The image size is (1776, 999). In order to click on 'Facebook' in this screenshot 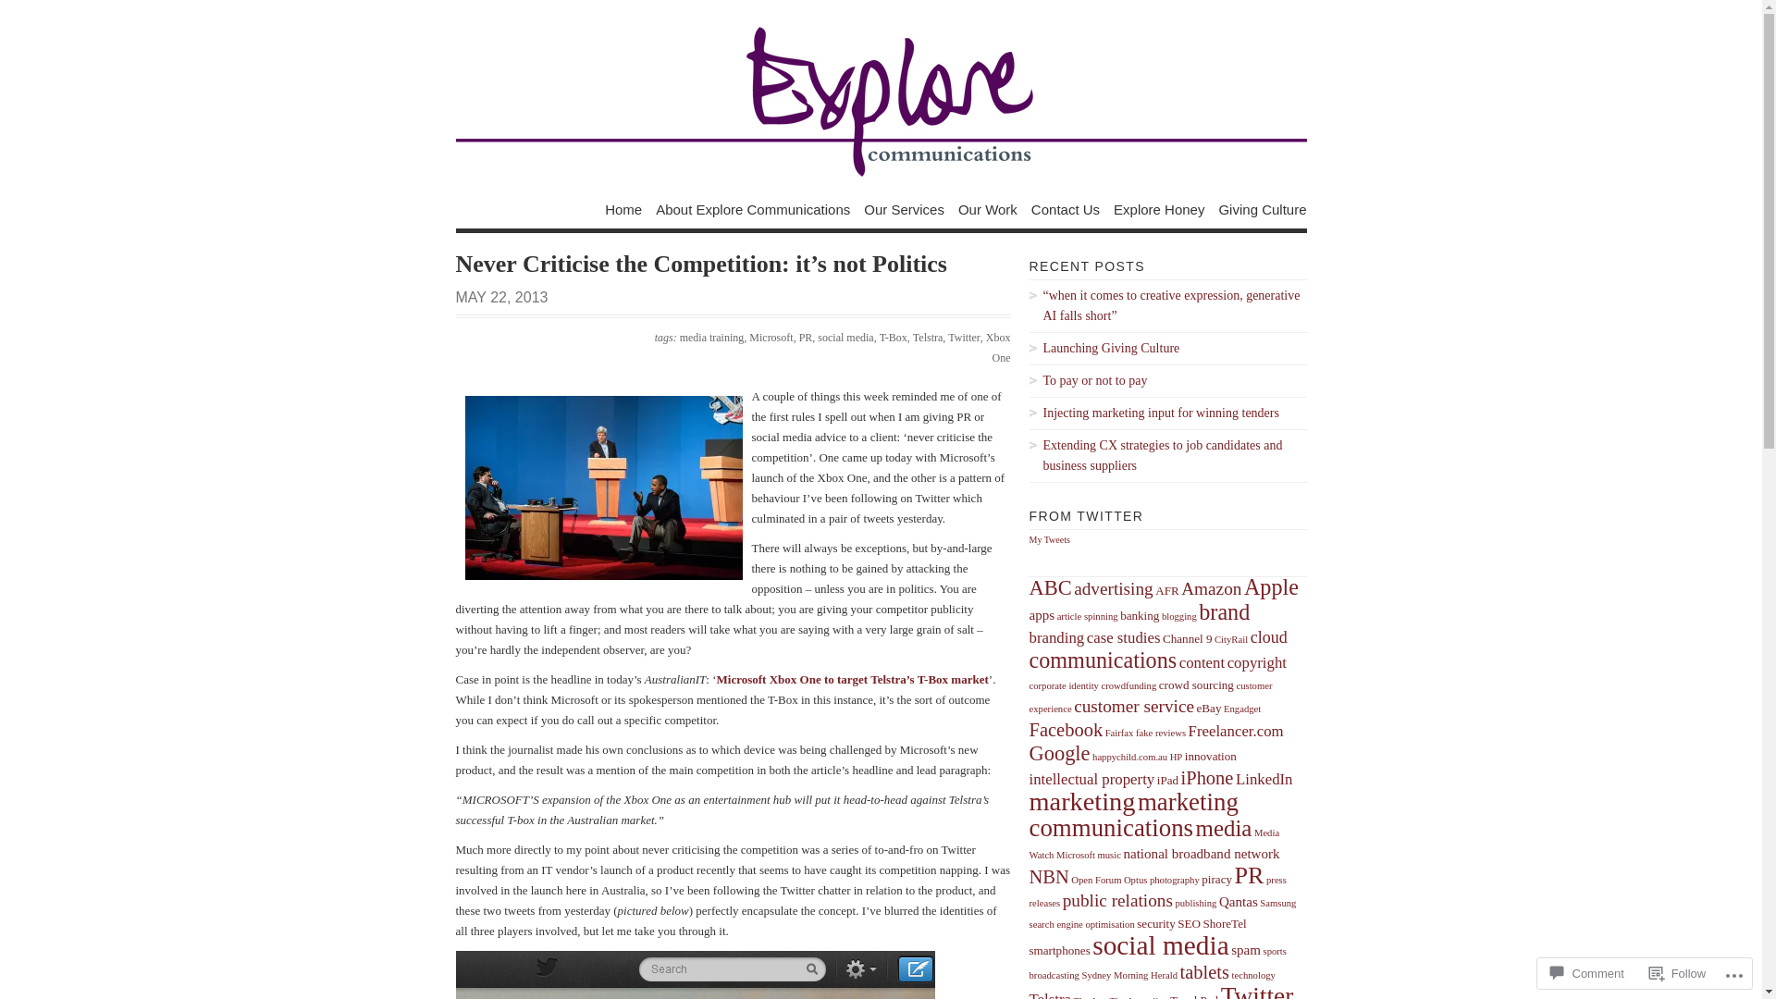, I will do `click(1066, 729)`.